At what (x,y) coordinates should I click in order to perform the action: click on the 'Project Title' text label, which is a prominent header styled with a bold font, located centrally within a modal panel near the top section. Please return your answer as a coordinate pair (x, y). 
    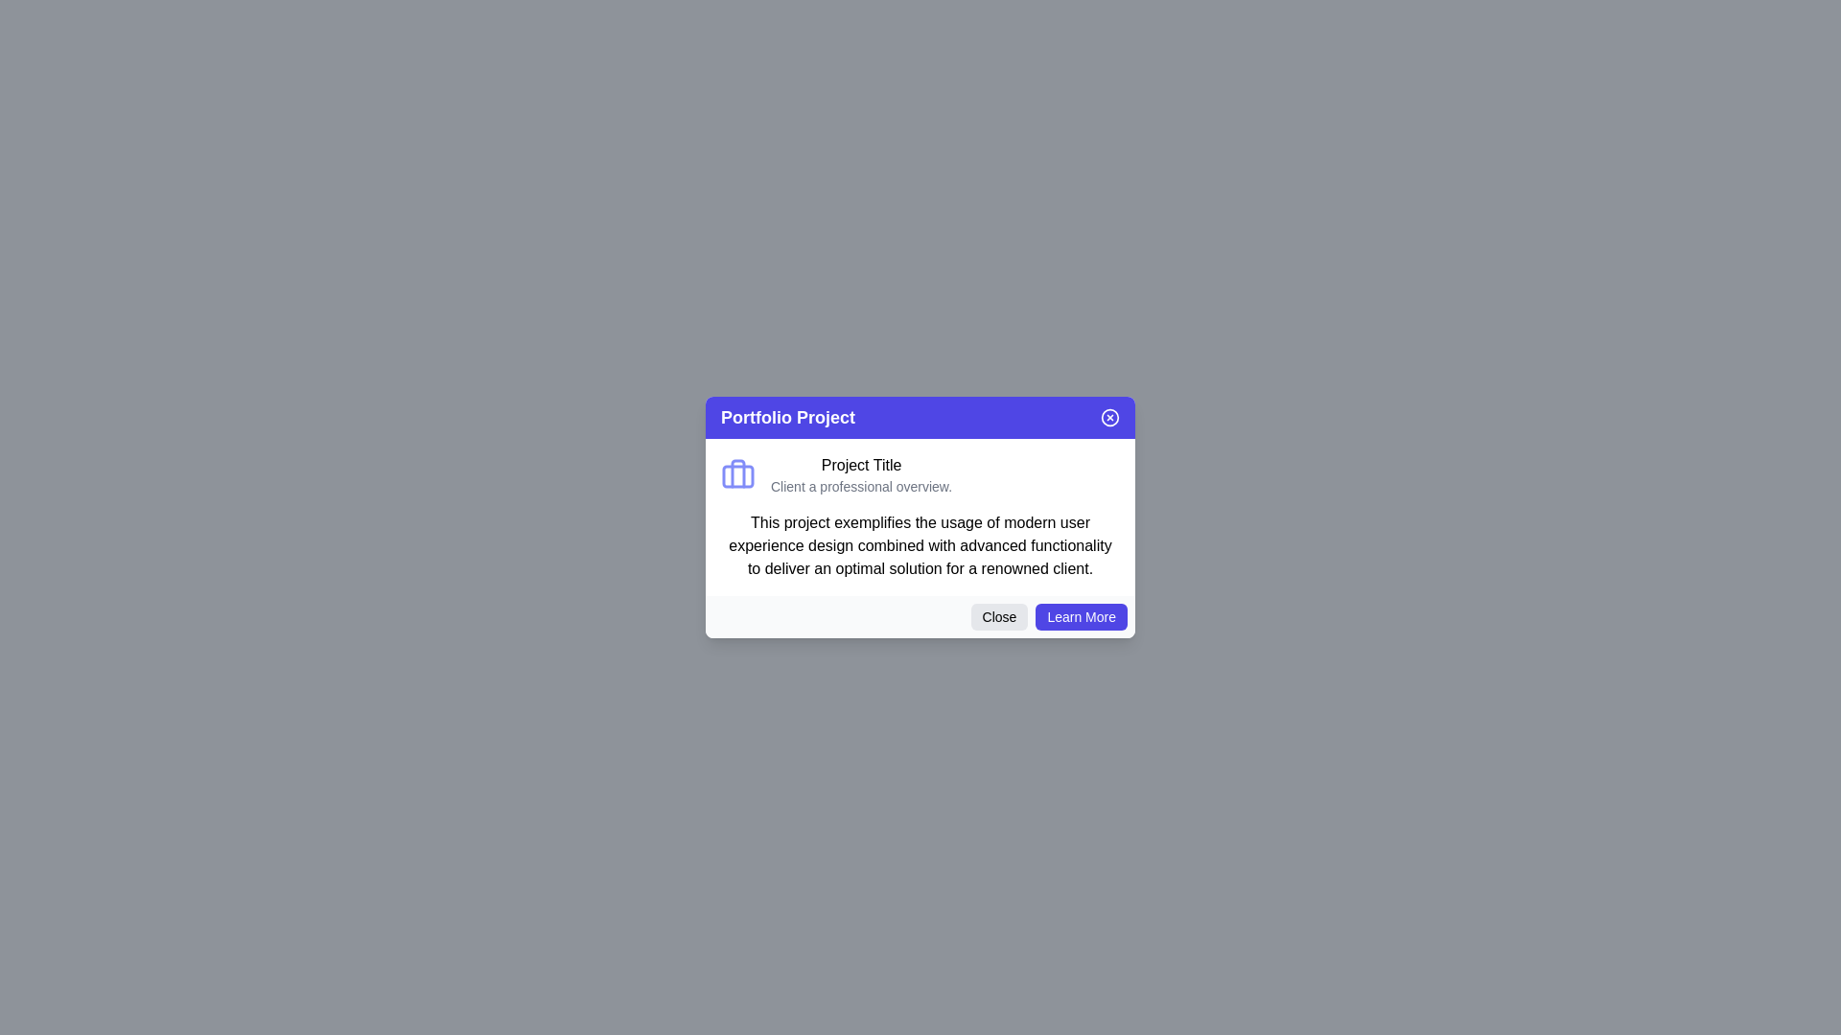
    Looking at the image, I should click on (860, 466).